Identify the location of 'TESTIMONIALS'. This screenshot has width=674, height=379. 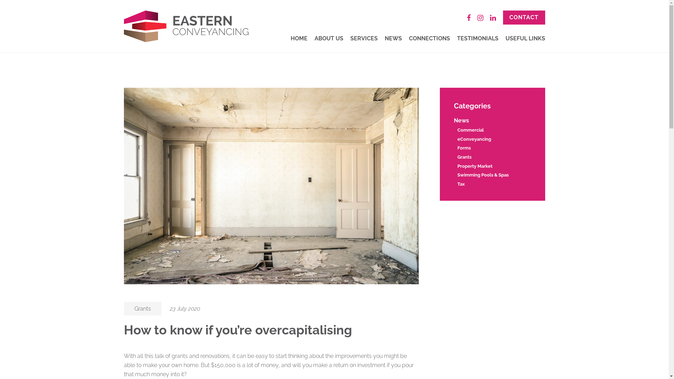
(477, 38).